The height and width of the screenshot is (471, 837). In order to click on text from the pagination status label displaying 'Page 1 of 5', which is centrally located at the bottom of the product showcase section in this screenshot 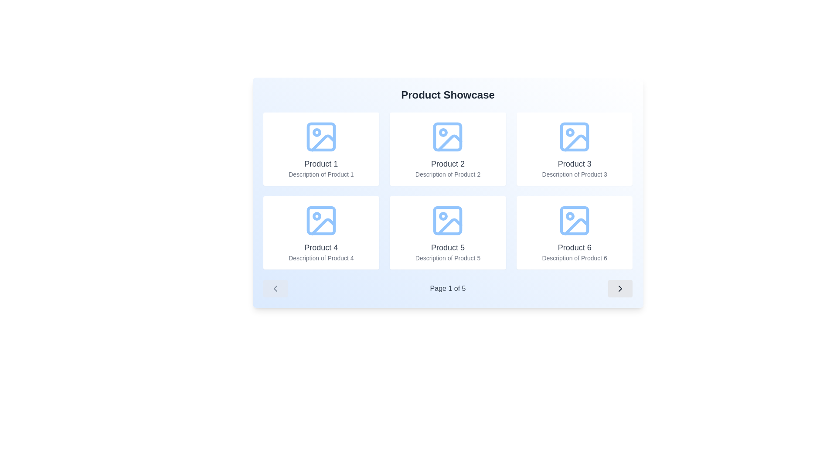, I will do `click(448, 289)`.